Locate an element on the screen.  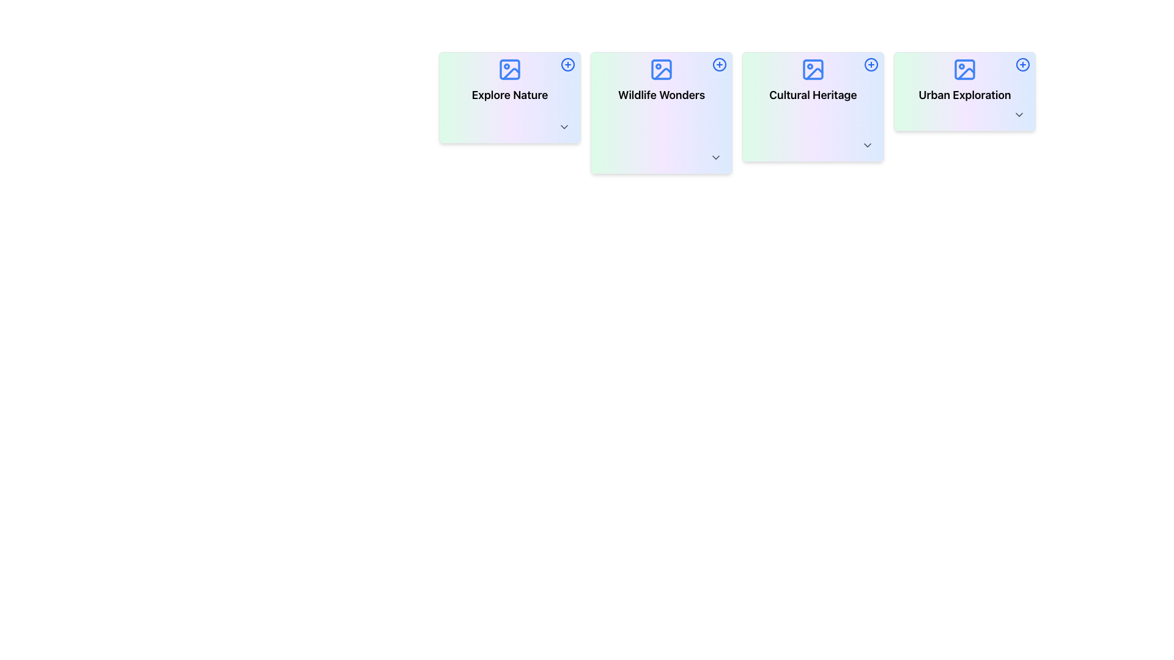
the fourth navigational card related to 'Urban Exploration' in the grid layout is located at coordinates (964, 91).